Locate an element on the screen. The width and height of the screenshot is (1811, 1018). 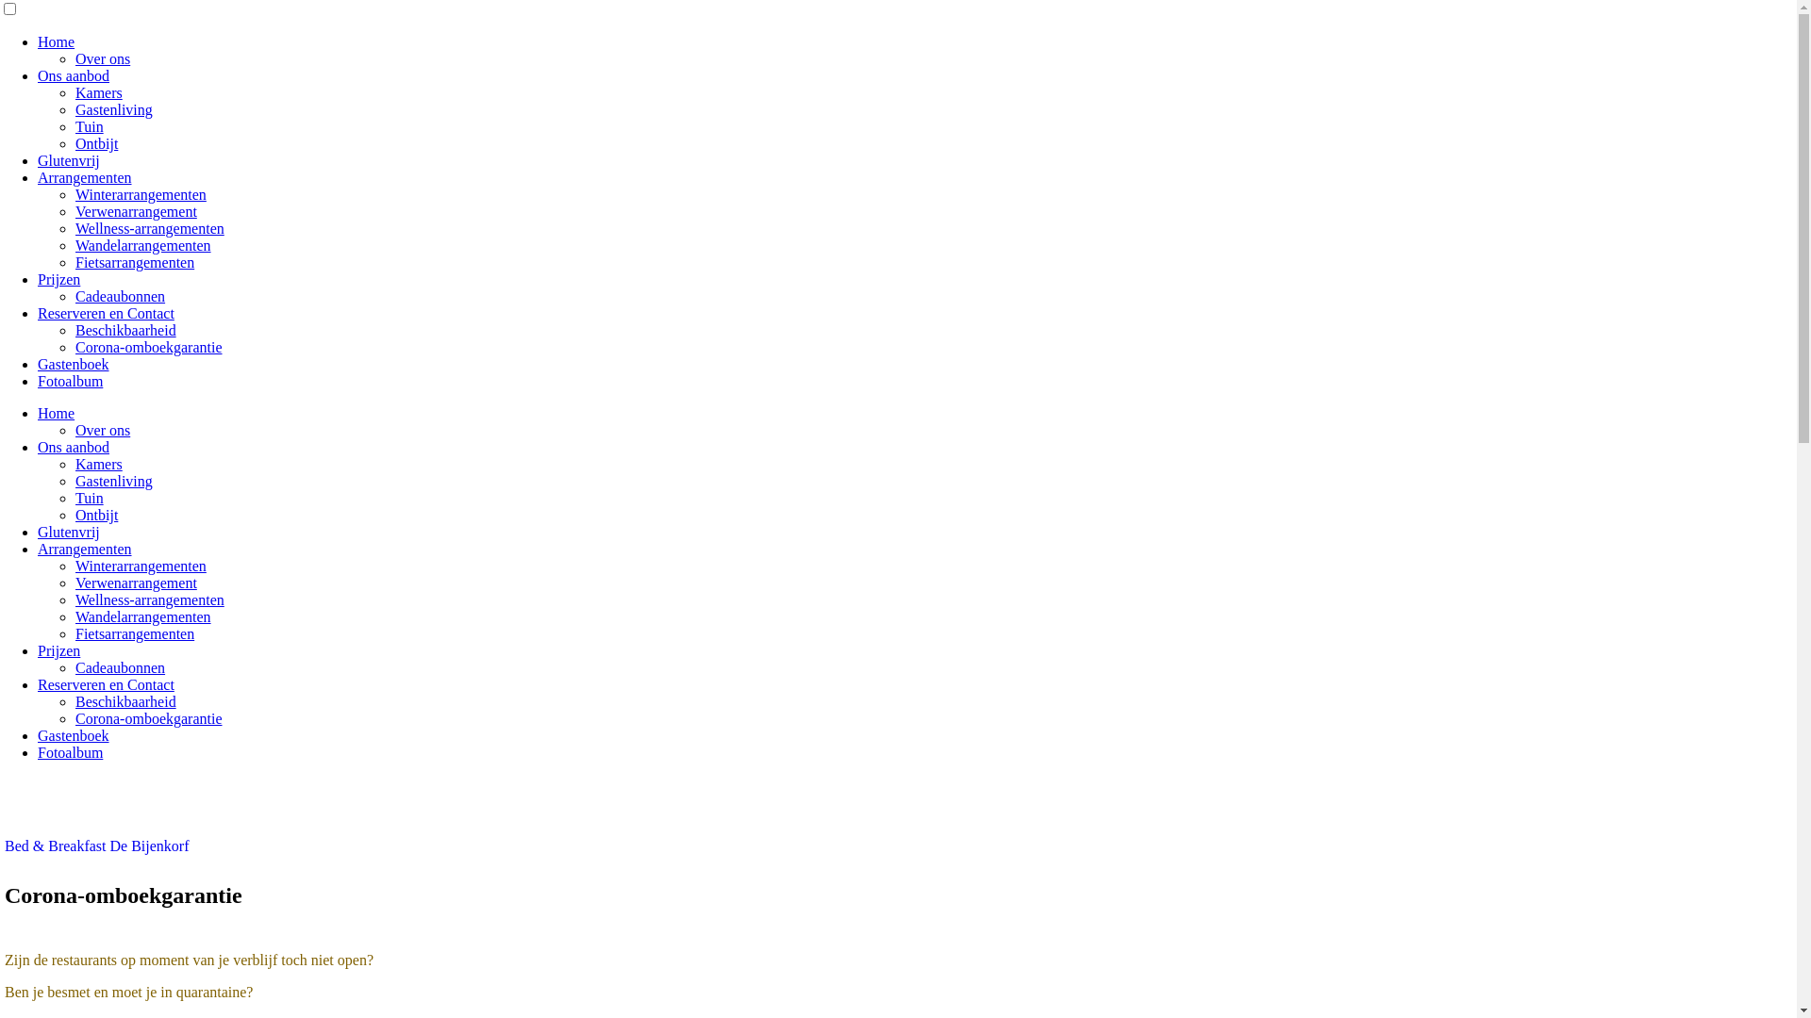
'Ons aanbod' is located at coordinates (73, 447).